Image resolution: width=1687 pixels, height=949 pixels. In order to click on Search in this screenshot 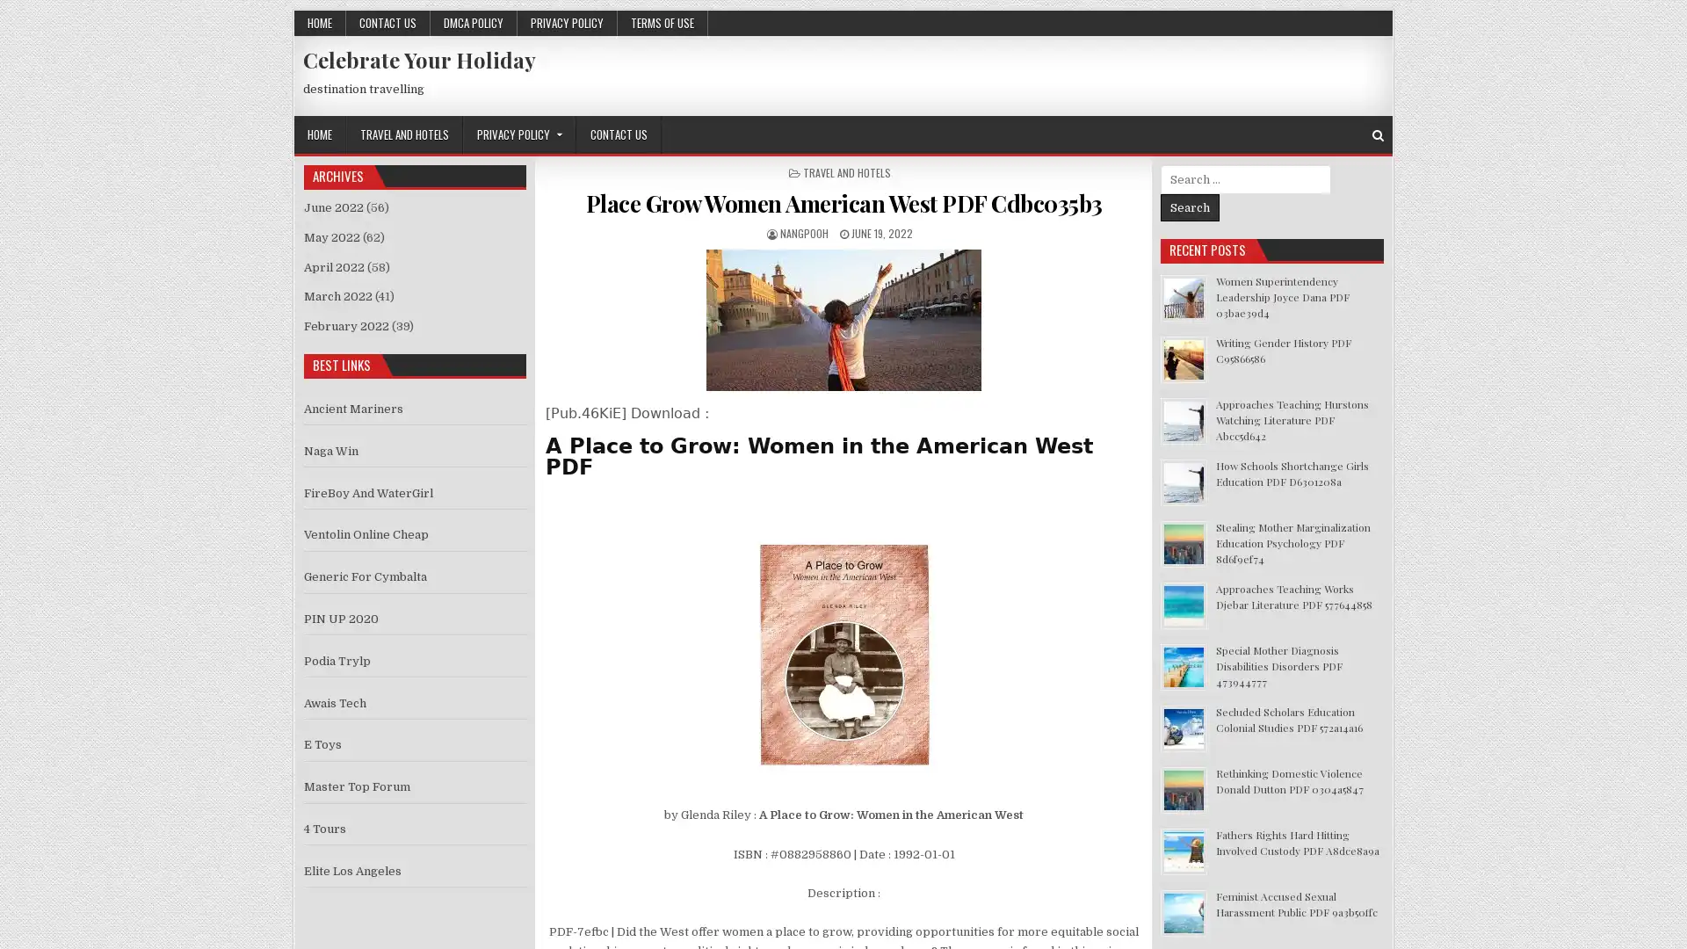, I will do `click(1190, 206)`.